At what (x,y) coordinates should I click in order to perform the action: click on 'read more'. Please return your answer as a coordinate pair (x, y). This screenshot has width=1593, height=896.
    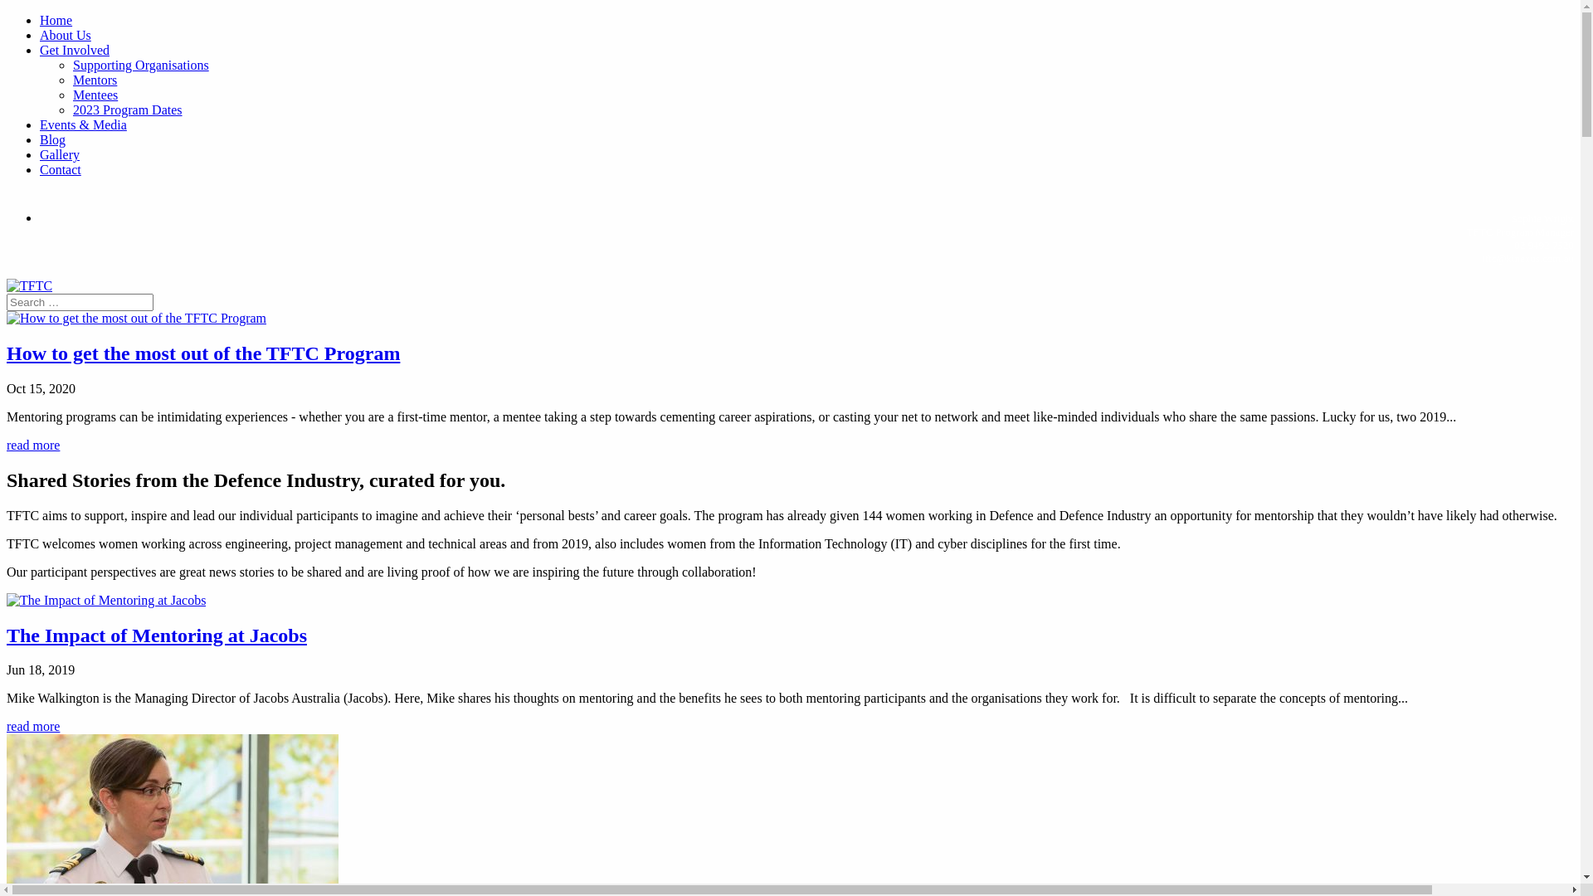
    Looking at the image, I should click on (32, 444).